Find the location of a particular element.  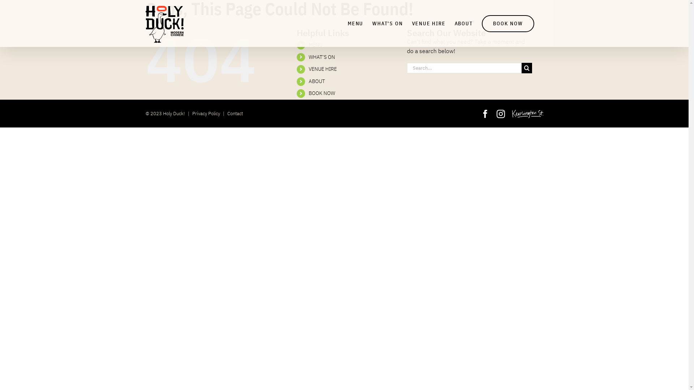

'BOOK NOW' is located at coordinates (507, 23).